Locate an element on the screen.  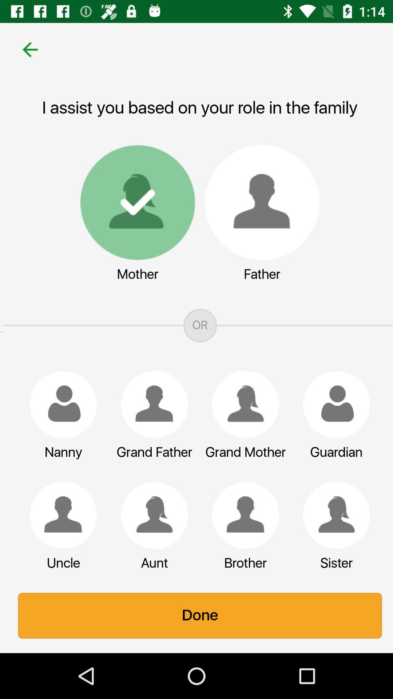
icon above the guardian is located at coordinates (333, 404).